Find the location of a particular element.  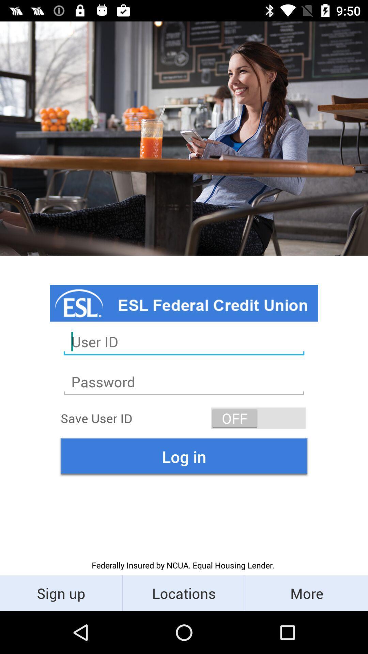

item to the right of the locations item is located at coordinates (306, 593).